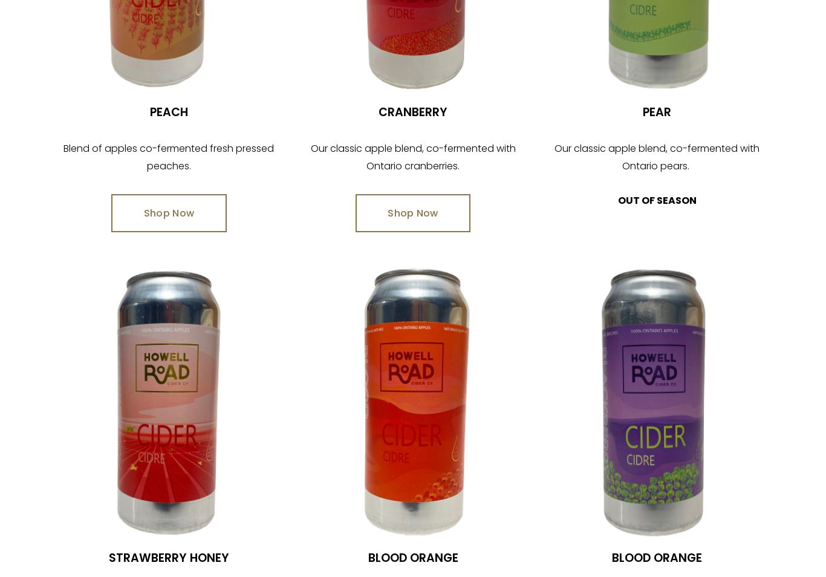  I want to click on 'CRANBERRY', so click(378, 111).